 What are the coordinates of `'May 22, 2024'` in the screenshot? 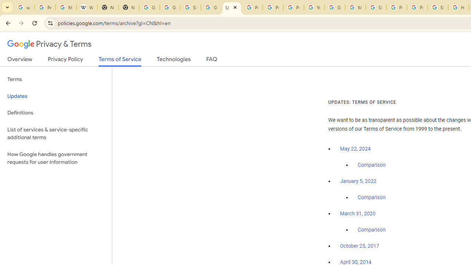 It's located at (355, 149).